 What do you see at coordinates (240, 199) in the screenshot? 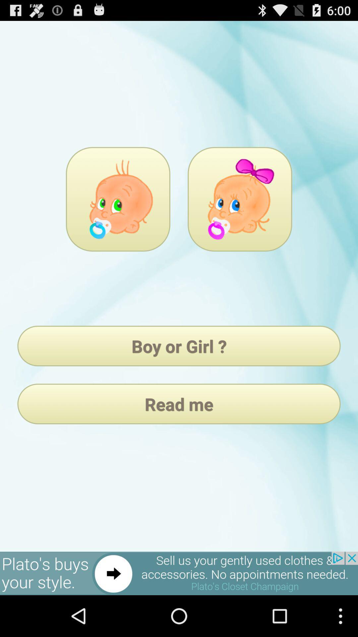
I see `pick girl as gender` at bounding box center [240, 199].